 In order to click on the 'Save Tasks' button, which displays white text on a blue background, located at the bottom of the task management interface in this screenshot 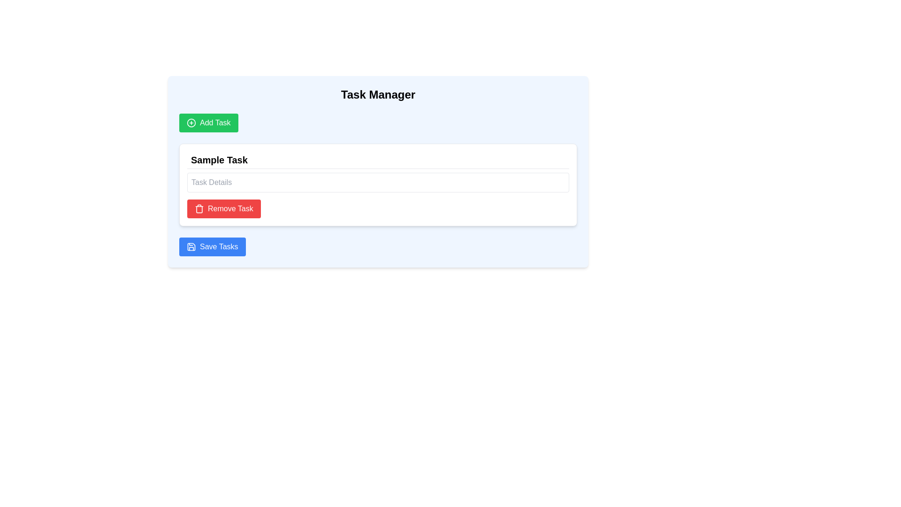, I will do `click(218, 246)`.